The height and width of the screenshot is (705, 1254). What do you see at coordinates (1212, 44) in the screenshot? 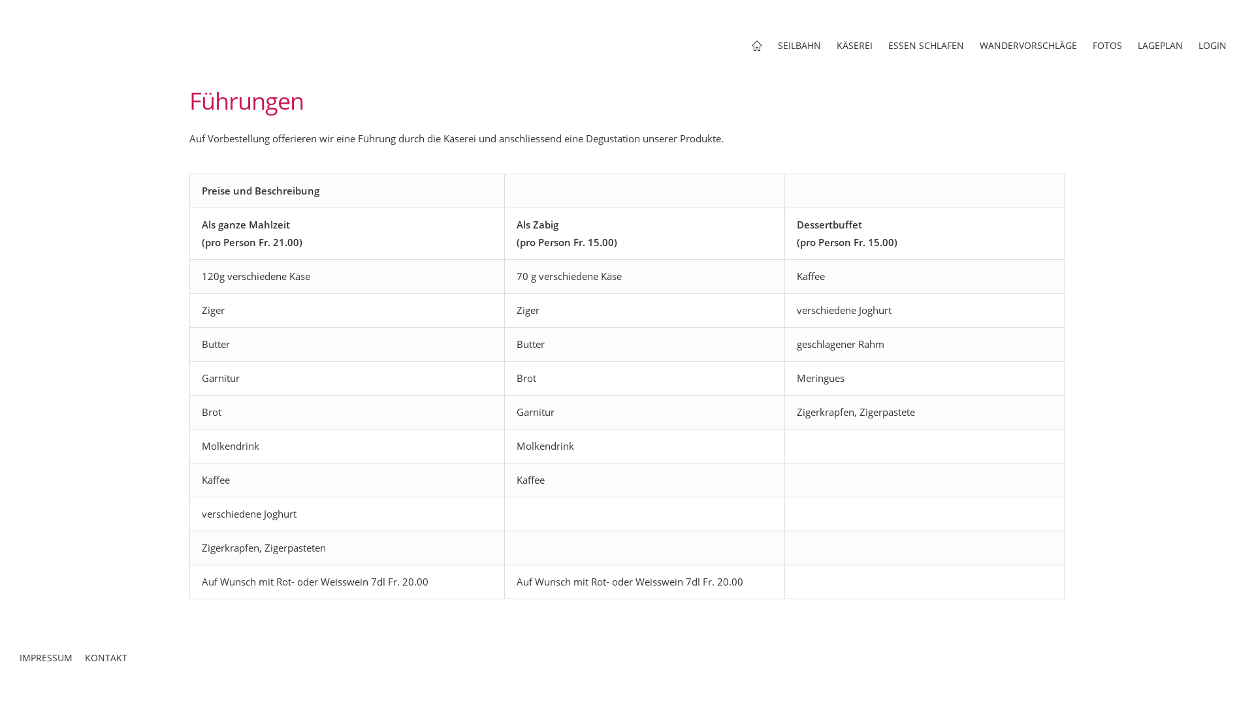
I see `'LOGIN'` at bounding box center [1212, 44].